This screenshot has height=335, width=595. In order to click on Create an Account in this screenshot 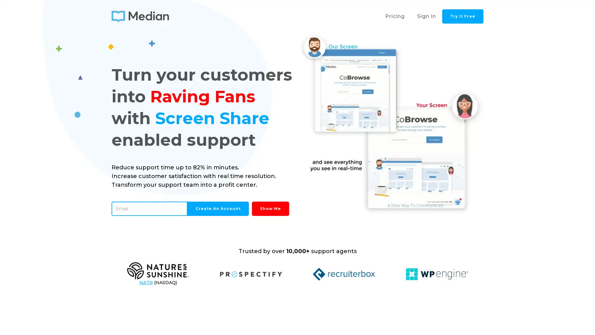, I will do `click(218, 208)`.